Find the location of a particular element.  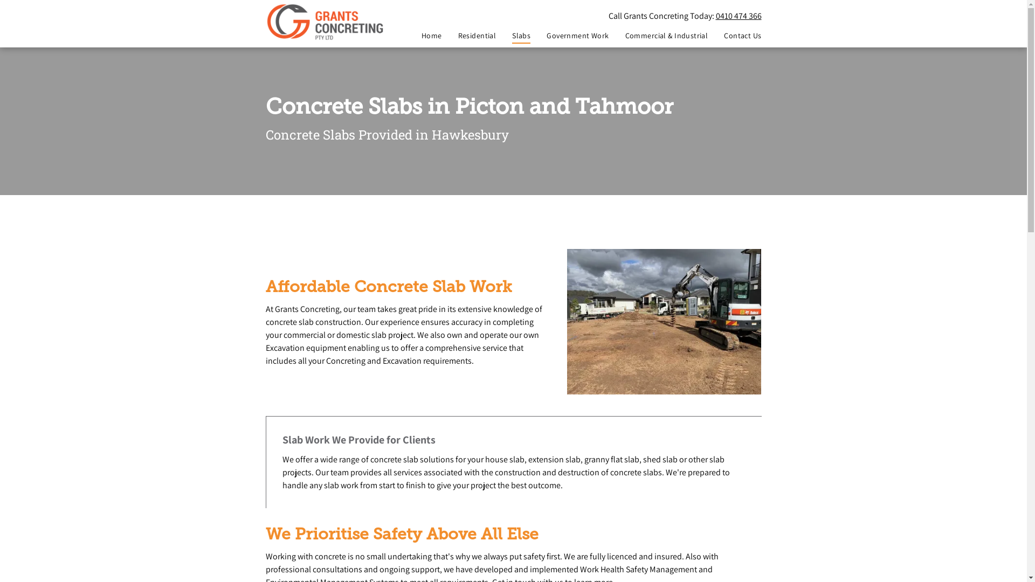

'0410 474 366' is located at coordinates (738, 16).